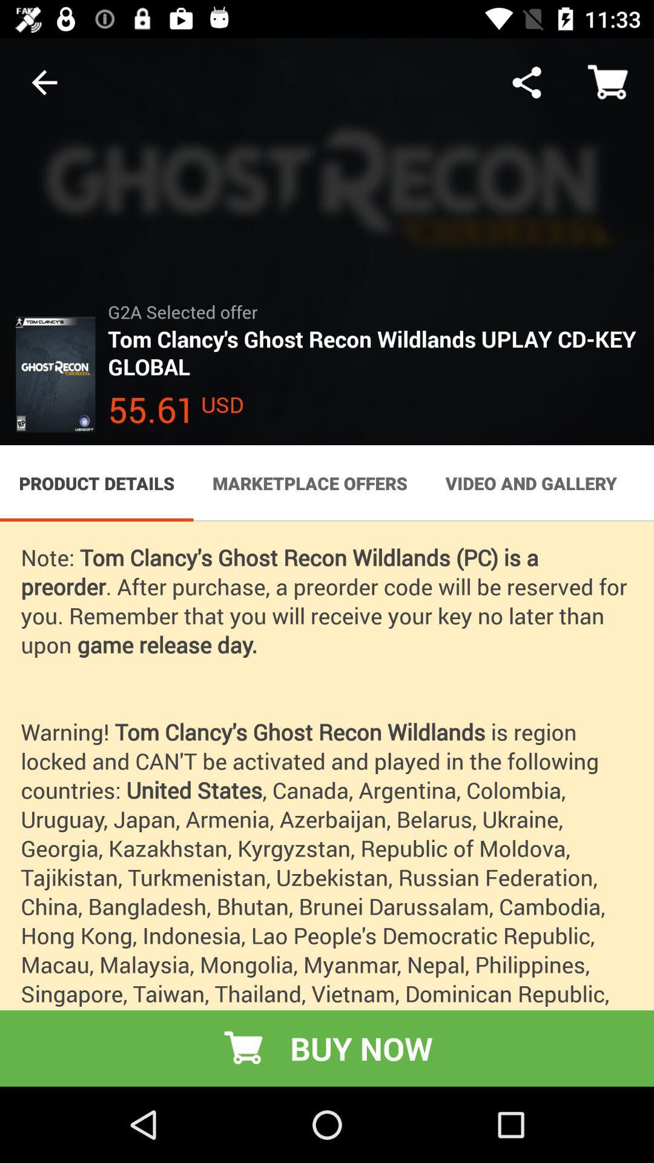 This screenshot has width=654, height=1163. I want to click on the note tom clancy, so click(327, 804).